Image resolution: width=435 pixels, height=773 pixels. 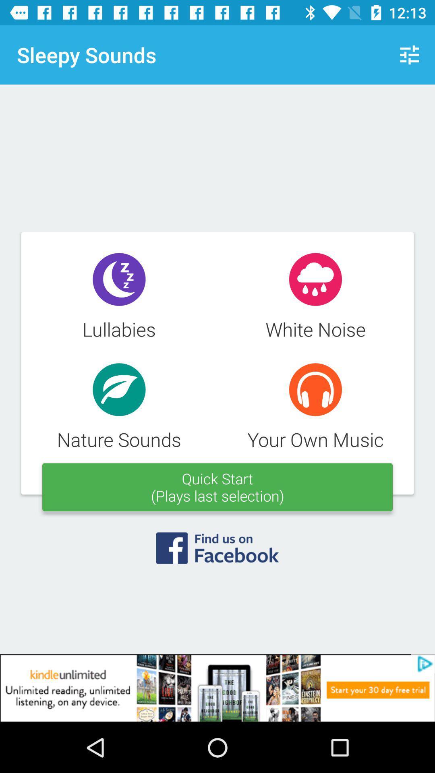 What do you see at coordinates (217, 553) in the screenshot?
I see `open the app facebook page` at bounding box center [217, 553].